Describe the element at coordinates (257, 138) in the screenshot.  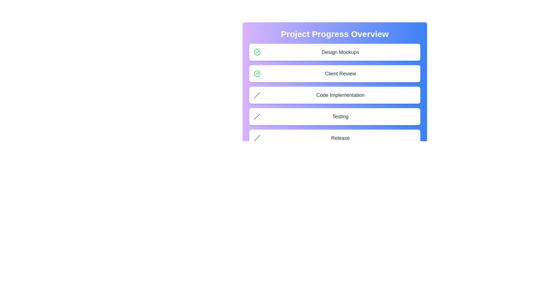
I see `the grayish diagonal slash icon located within a square frame, positioned next to the label 'Release'` at that location.